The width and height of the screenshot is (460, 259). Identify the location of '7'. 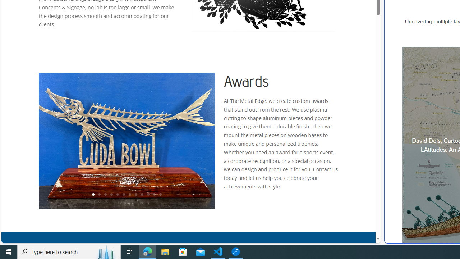
(129, 195).